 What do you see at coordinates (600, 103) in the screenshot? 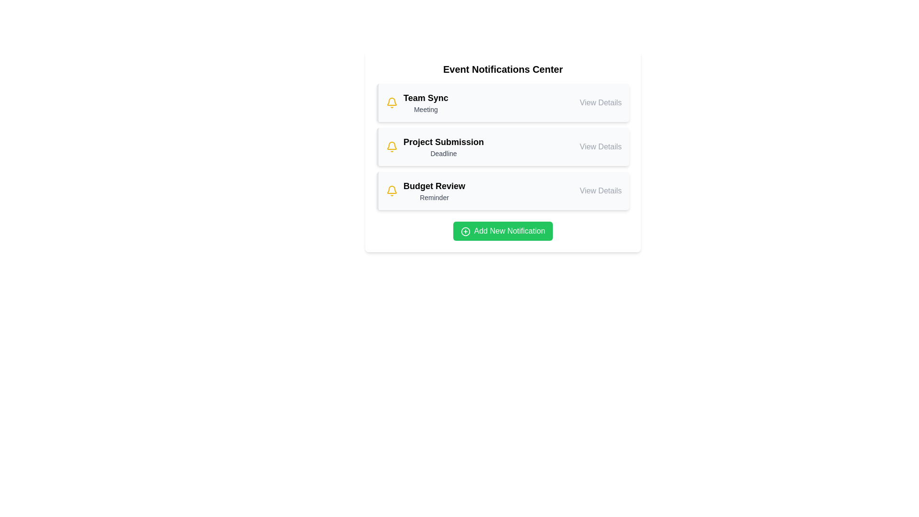
I see `the 'View Details' button, which is a light gray text button located at the rightmost side of the 'Event Notifications Center'` at bounding box center [600, 103].